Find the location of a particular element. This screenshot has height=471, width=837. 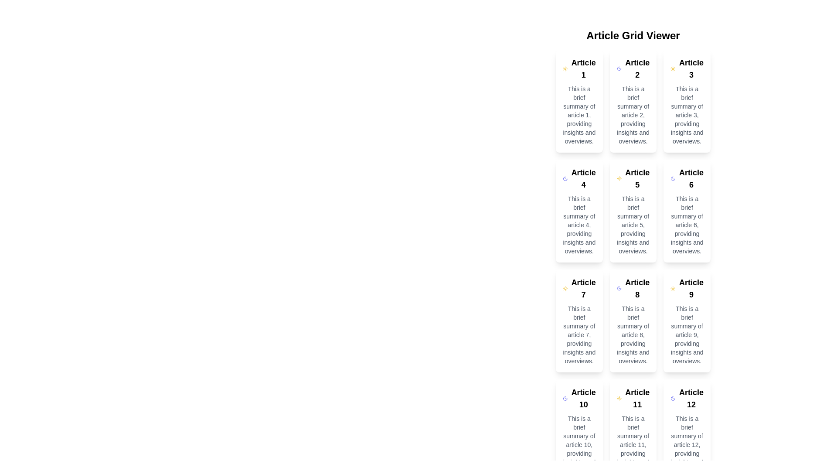

the decorative icon located at the top-left corner of the 'Article 2' card, adjacent to its numerical label is located at coordinates (619, 68).